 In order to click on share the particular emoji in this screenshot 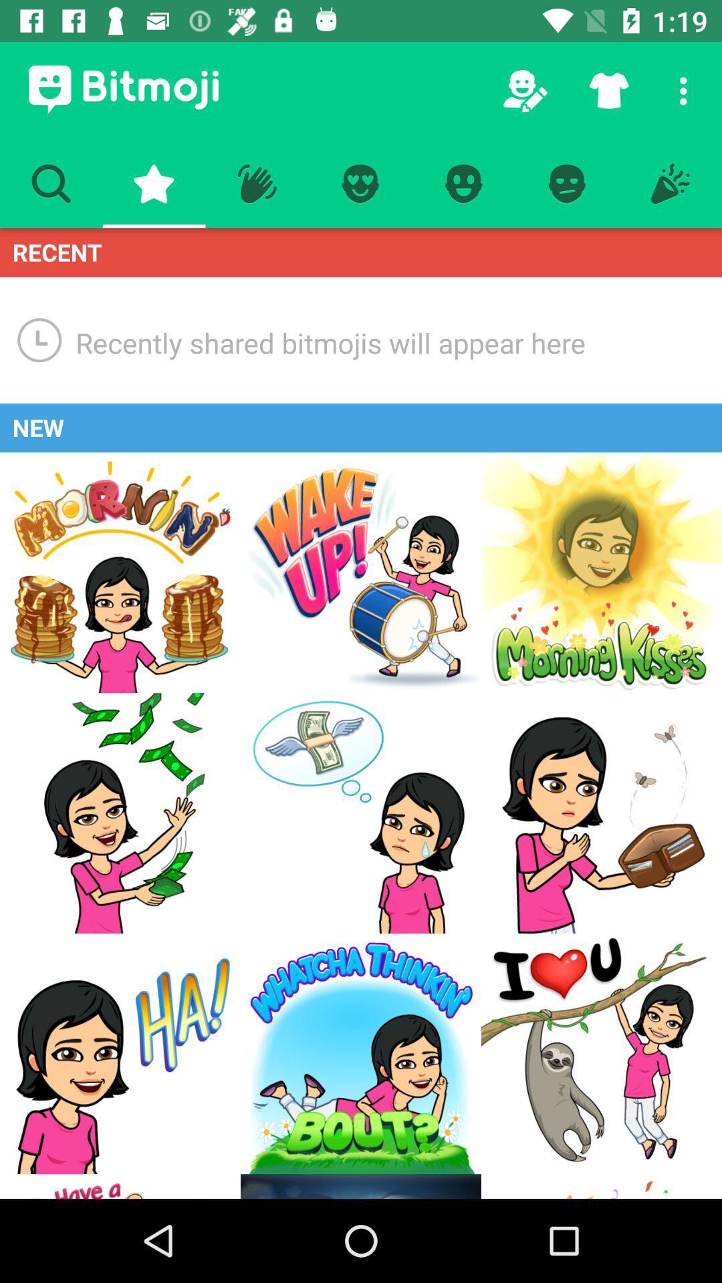, I will do `click(120, 813)`.